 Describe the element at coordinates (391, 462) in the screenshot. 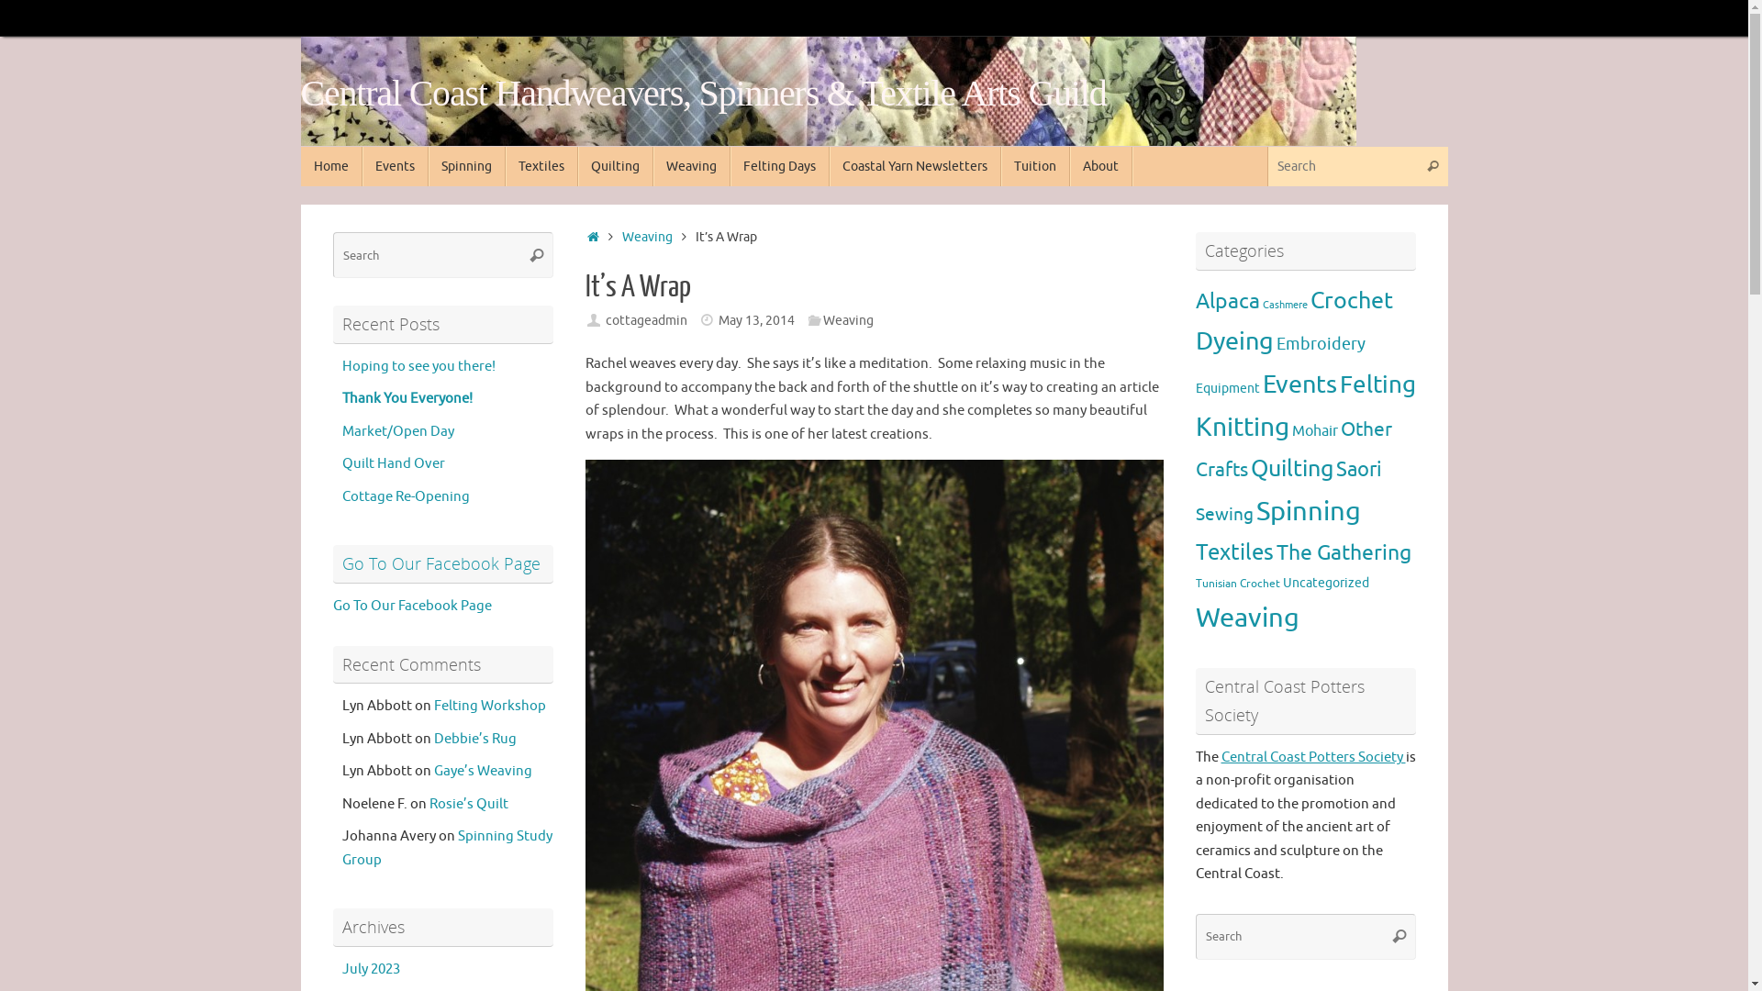

I see `'Quilt Hand Over'` at that location.